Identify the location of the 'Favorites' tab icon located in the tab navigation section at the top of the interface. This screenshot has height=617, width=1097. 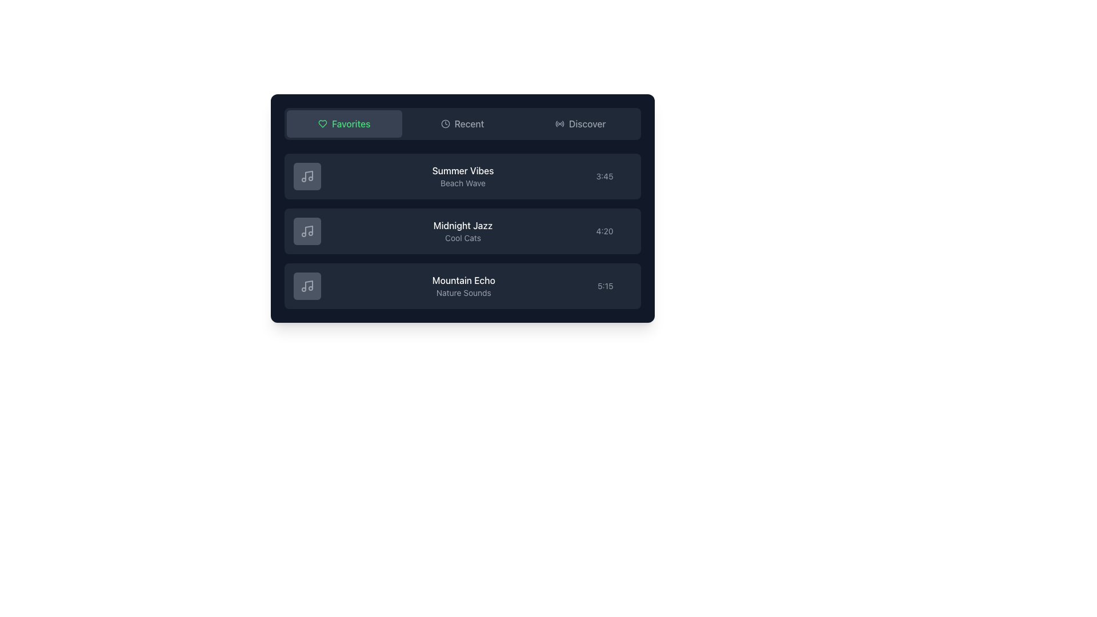
(322, 123).